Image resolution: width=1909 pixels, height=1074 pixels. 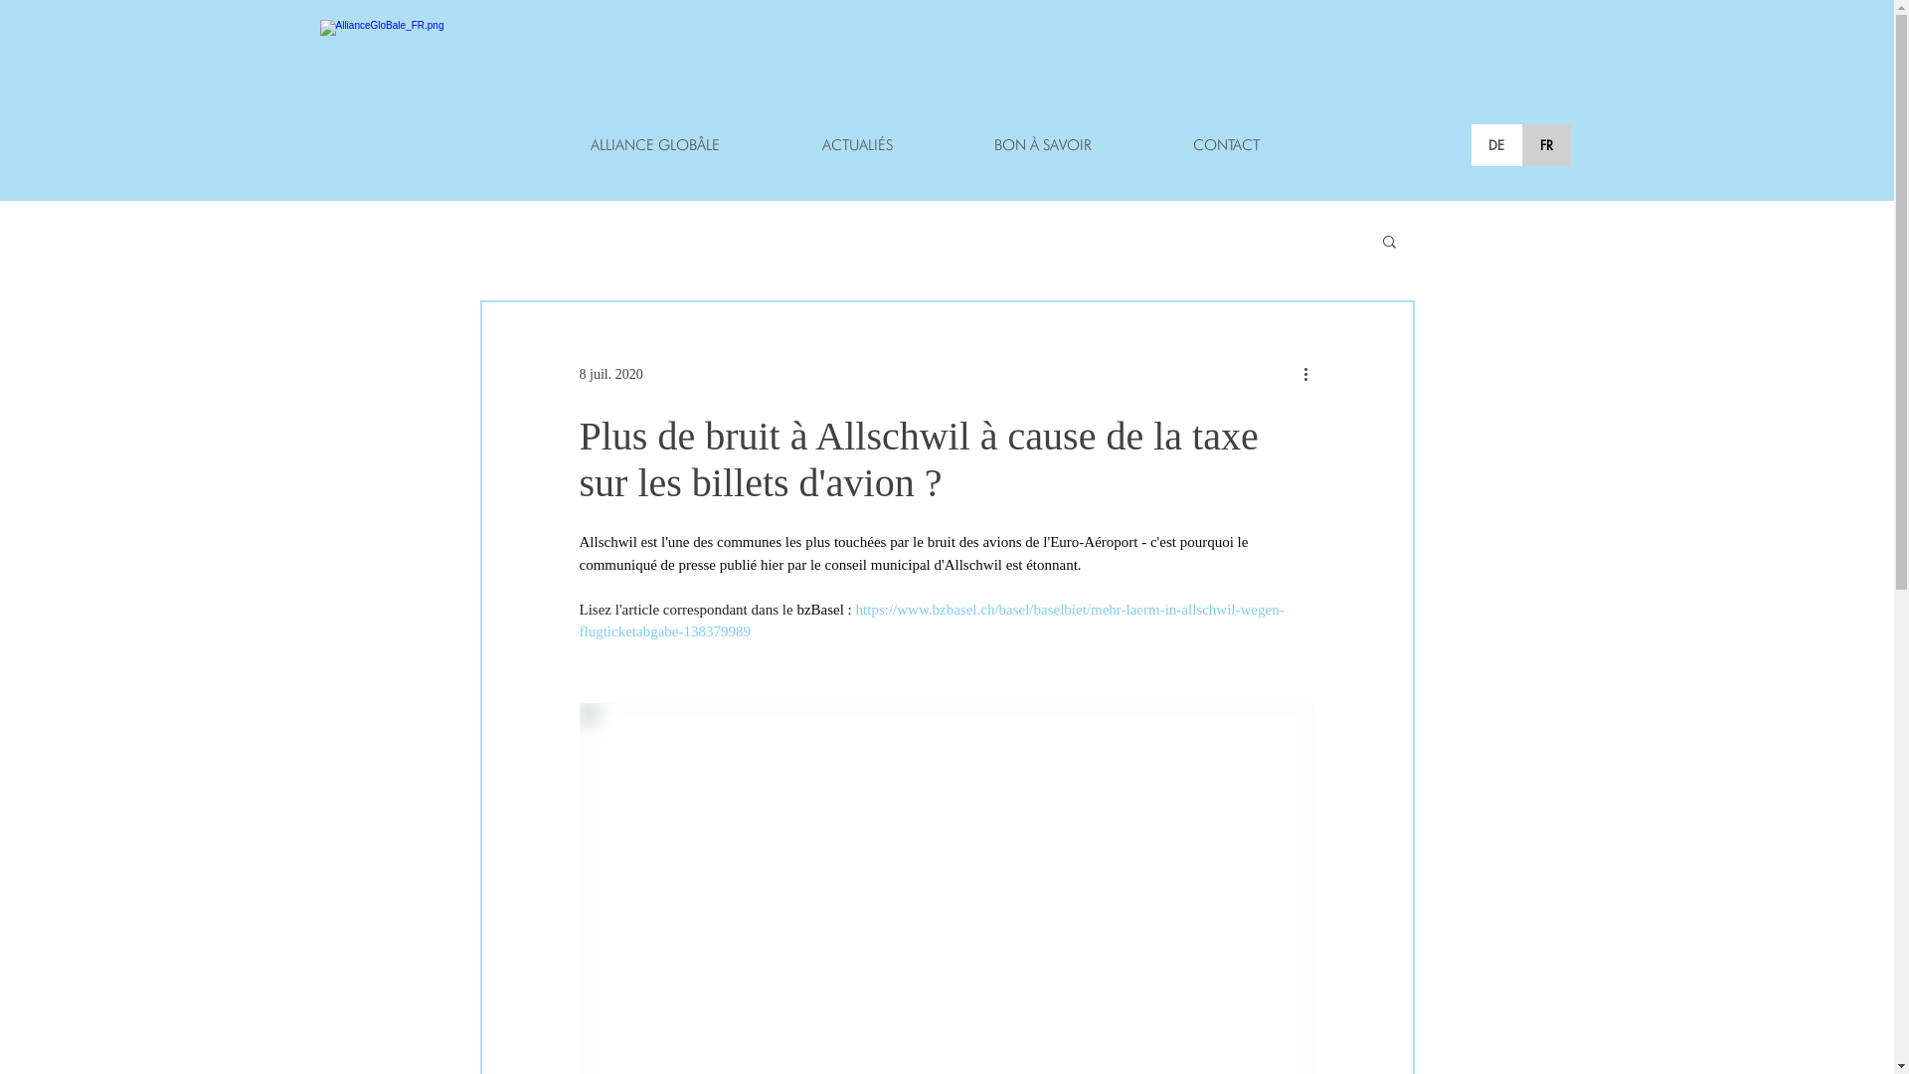 What do you see at coordinates (1496, 144) in the screenshot?
I see `'DE'` at bounding box center [1496, 144].